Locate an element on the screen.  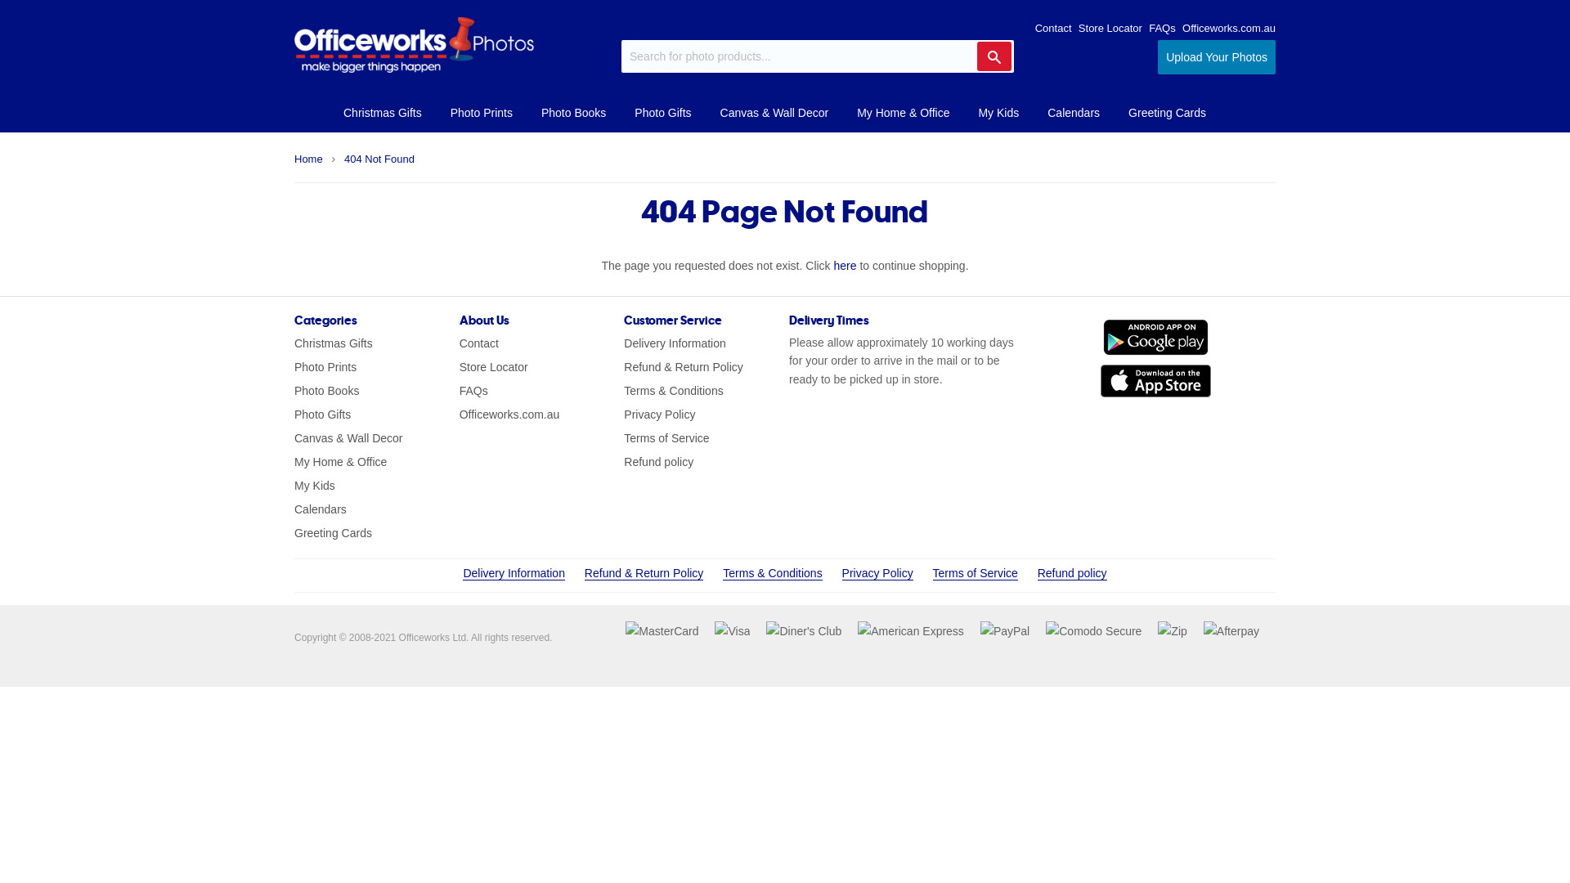
'Upload Your Photos' is located at coordinates (1157, 56).